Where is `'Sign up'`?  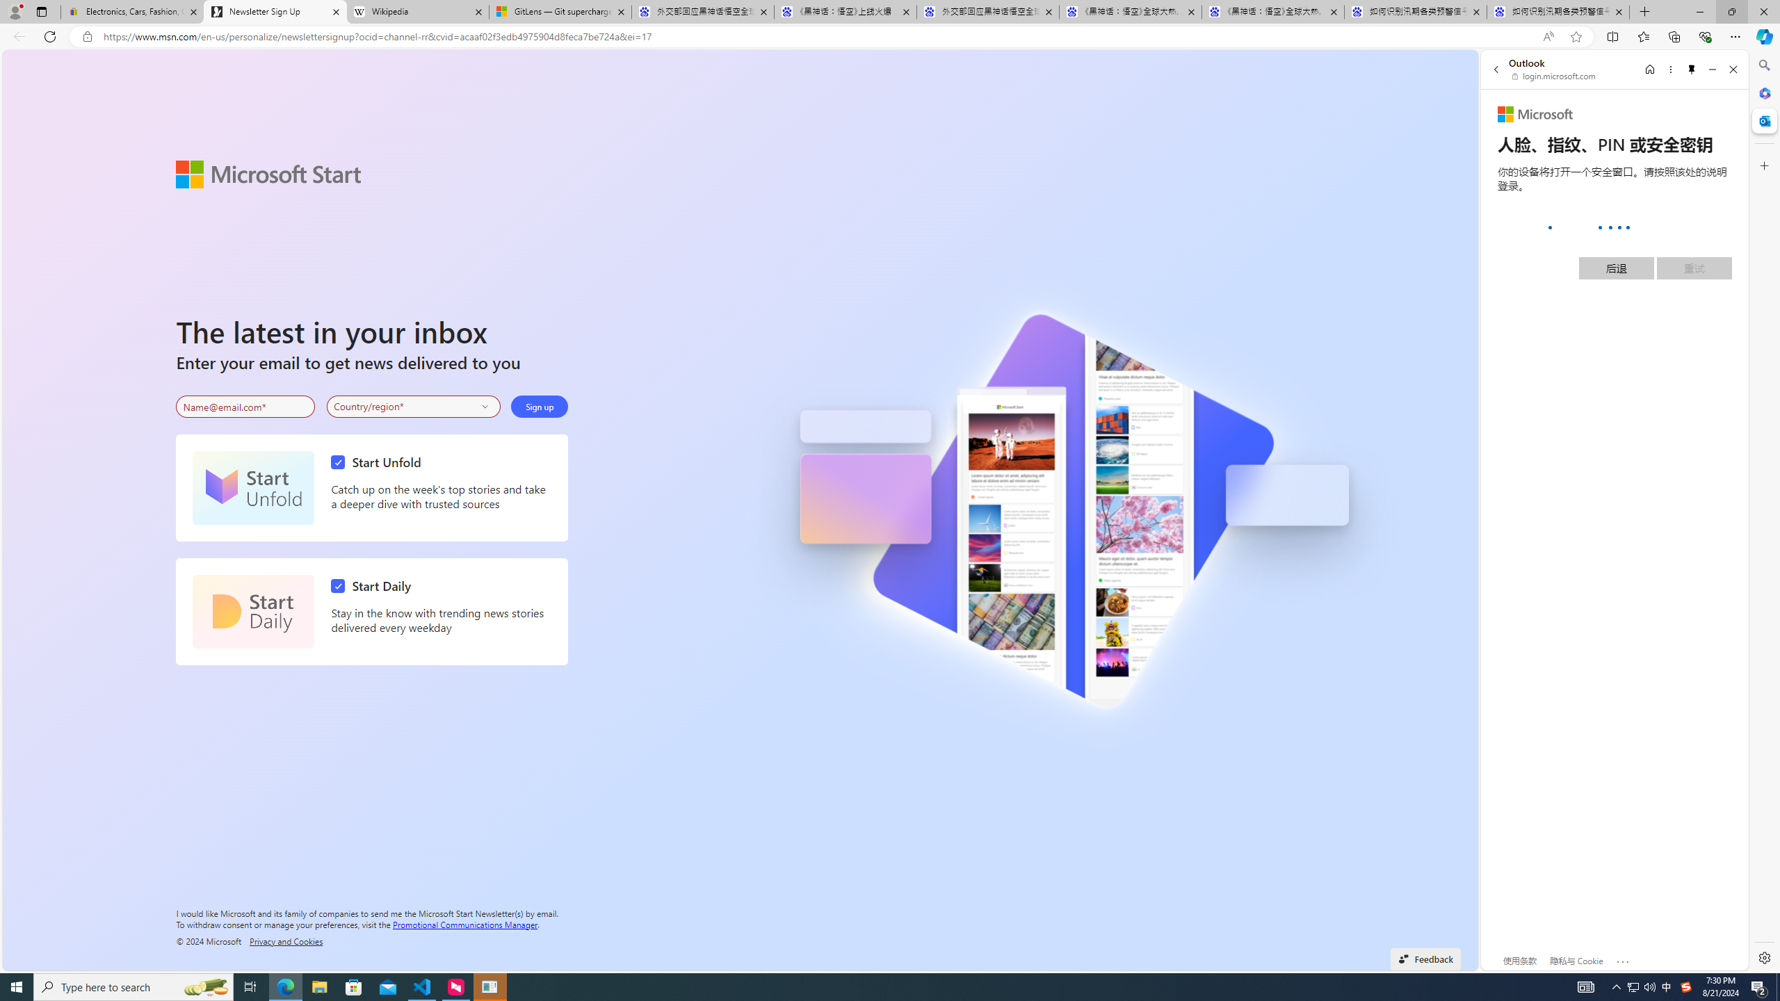 'Sign up' is located at coordinates (539, 407).